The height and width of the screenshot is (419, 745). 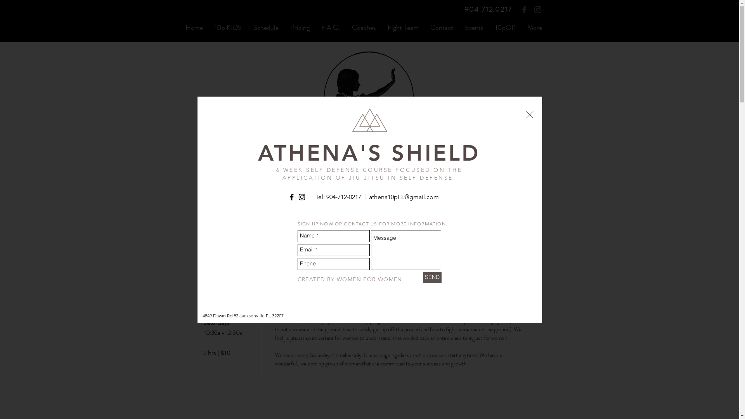 What do you see at coordinates (488, 27) in the screenshot?
I see `'10pOP'` at bounding box center [488, 27].